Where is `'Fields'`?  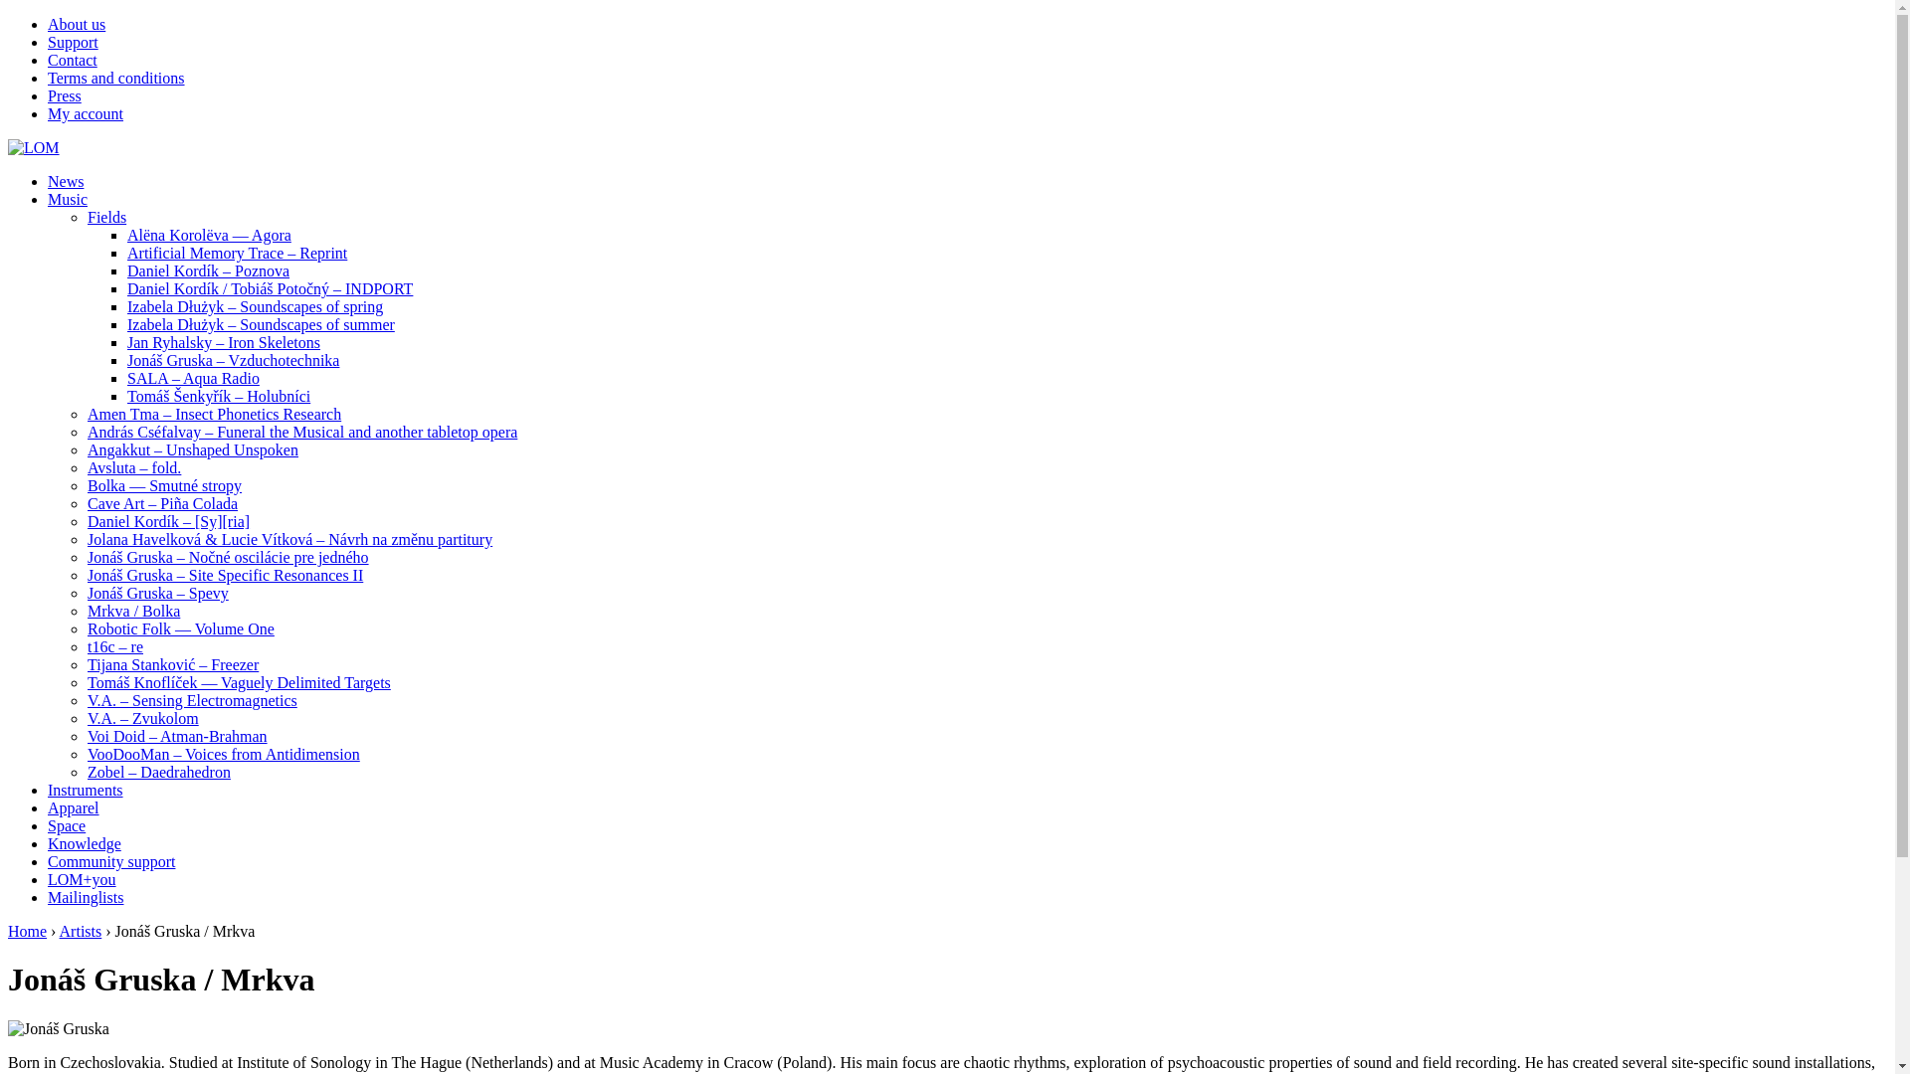
'Fields' is located at coordinates (105, 217).